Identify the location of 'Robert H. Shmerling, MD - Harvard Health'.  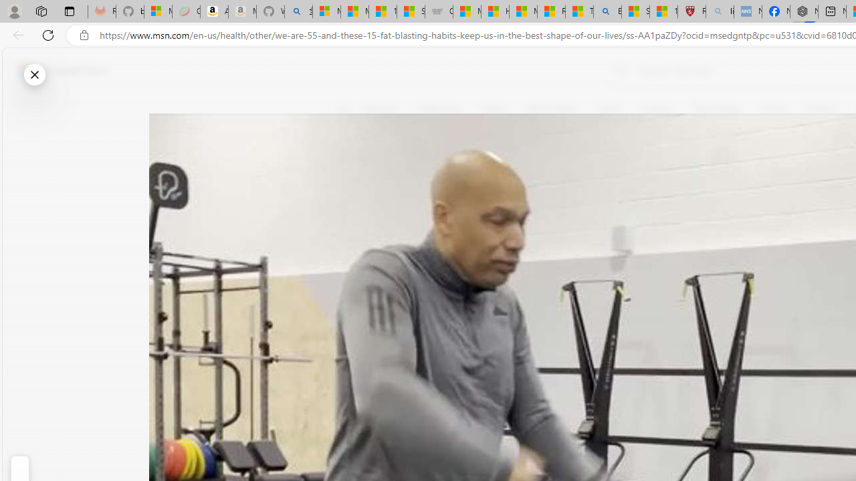
(691, 11).